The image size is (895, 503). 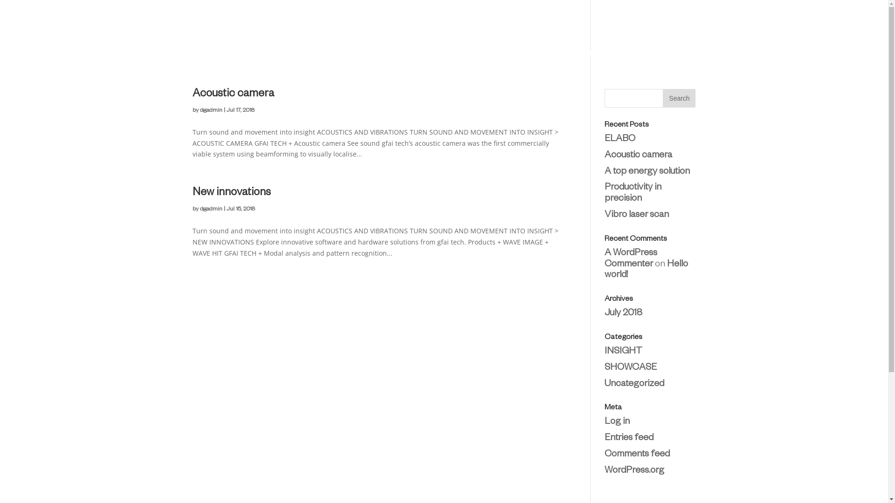 What do you see at coordinates (631, 367) in the screenshot?
I see `'SHOWCASE'` at bounding box center [631, 367].